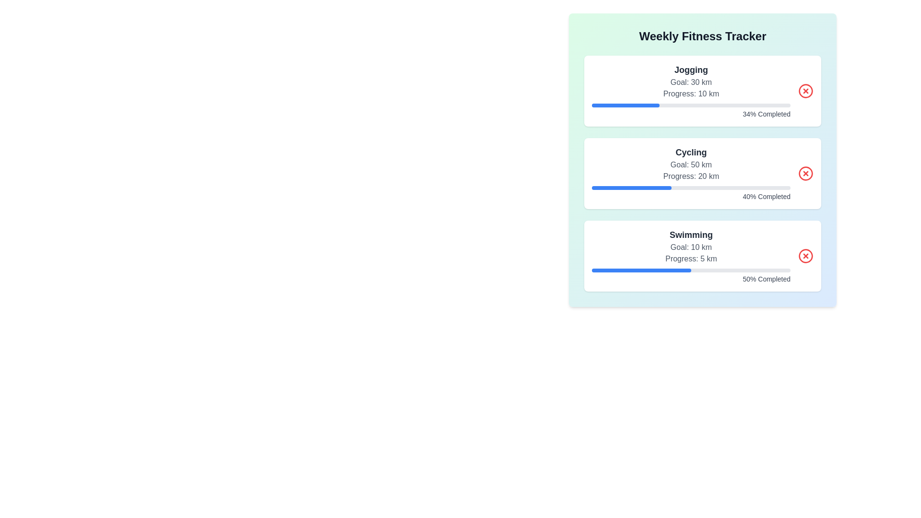 The image size is (921, 518). What do you see at coordinates (691, 105) in the screenshot?
I see `the progress bar in the 'Jogging' section of the 'Weekly Fitness Tracker' interface, which is styled as a rounded rectangular track with a light gray background and a blue filled portion representing progress` at bounding box center [691, 105].